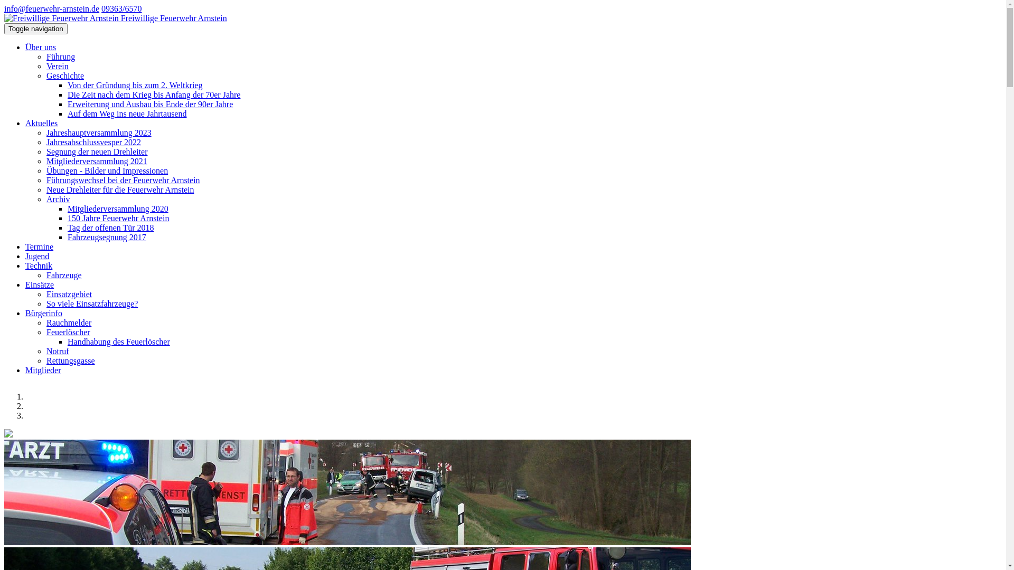  What do you see at coordinates (118, 217) in the screenshot?
I see `'150 Jahre Feuerwehr Arnstein'` at bounding box center [118, 217].